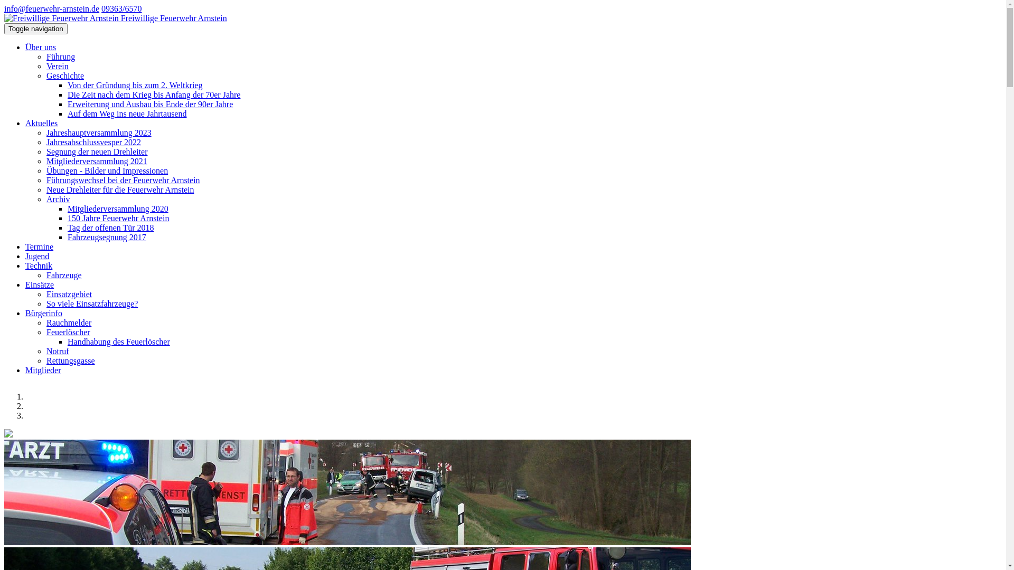  What do you see at coordinates (118, 217) in the screenshot?
I see `'150 Jahre Feuerwehr Arnstein'` at bounding box center [118, 217].